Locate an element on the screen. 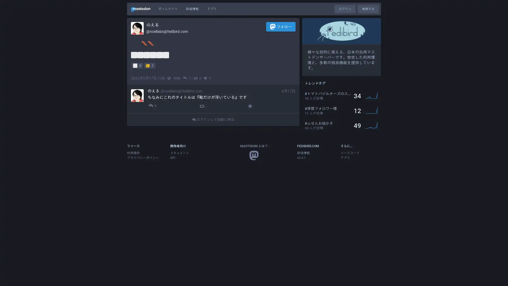 The height and width of the screenshot is (286, 508). :blobcatthink 1 is located at coordinates (149, 65).